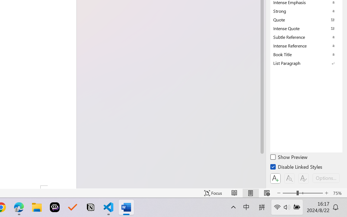  What do you see at coordinates (306, 28) in the screenshot?
I see `'Intense Quote'` at bounding box center [306, 28].